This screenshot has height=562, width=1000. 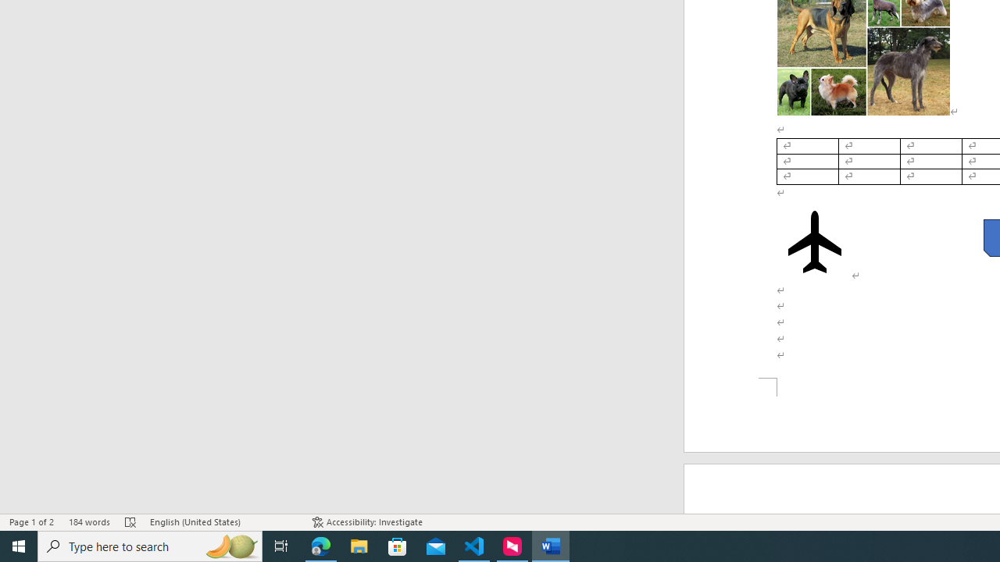 I want to click on 'Language English (United States)', so click(x=223, y=522).